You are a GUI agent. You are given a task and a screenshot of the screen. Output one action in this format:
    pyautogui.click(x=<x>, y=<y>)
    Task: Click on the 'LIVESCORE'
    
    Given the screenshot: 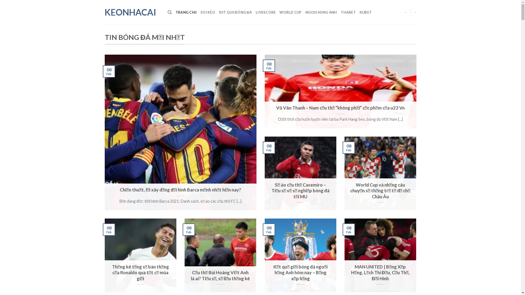 What is the action you would take?
    pyautogui.click(x=266, y=12)
    